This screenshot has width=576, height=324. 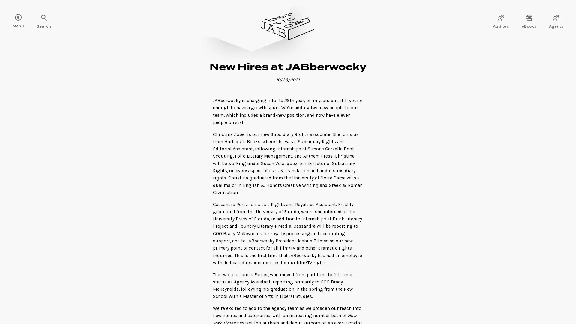 What do you see at coordinates (24, 18) in the screenshot?
I see `Search` at bounding box center [24, 18].